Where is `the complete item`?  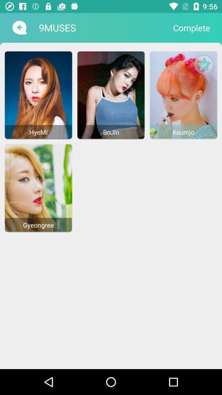
the complete item is located at coordinates (192, 28).